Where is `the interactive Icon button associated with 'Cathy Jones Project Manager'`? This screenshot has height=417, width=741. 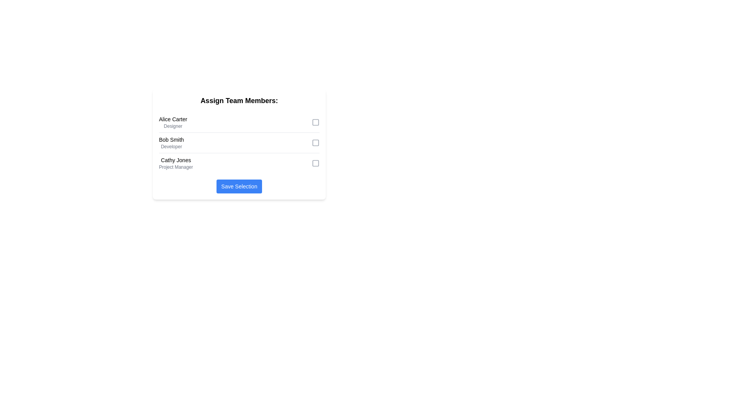 the interactive Icon button associated with 'Cathy Jones Project Manager' is located at coordinates (315, 163).